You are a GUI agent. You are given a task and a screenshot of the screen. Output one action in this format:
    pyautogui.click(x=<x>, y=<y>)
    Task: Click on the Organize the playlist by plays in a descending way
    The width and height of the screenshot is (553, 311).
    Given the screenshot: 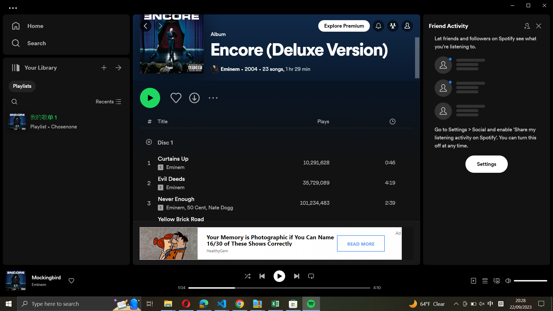 What is the action you would take?
    pyautogui.click(x=345, y=122)
    